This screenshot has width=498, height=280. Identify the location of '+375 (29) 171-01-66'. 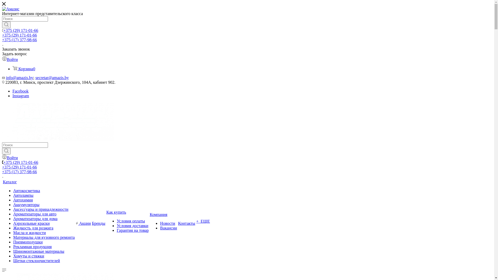
(19, 35).